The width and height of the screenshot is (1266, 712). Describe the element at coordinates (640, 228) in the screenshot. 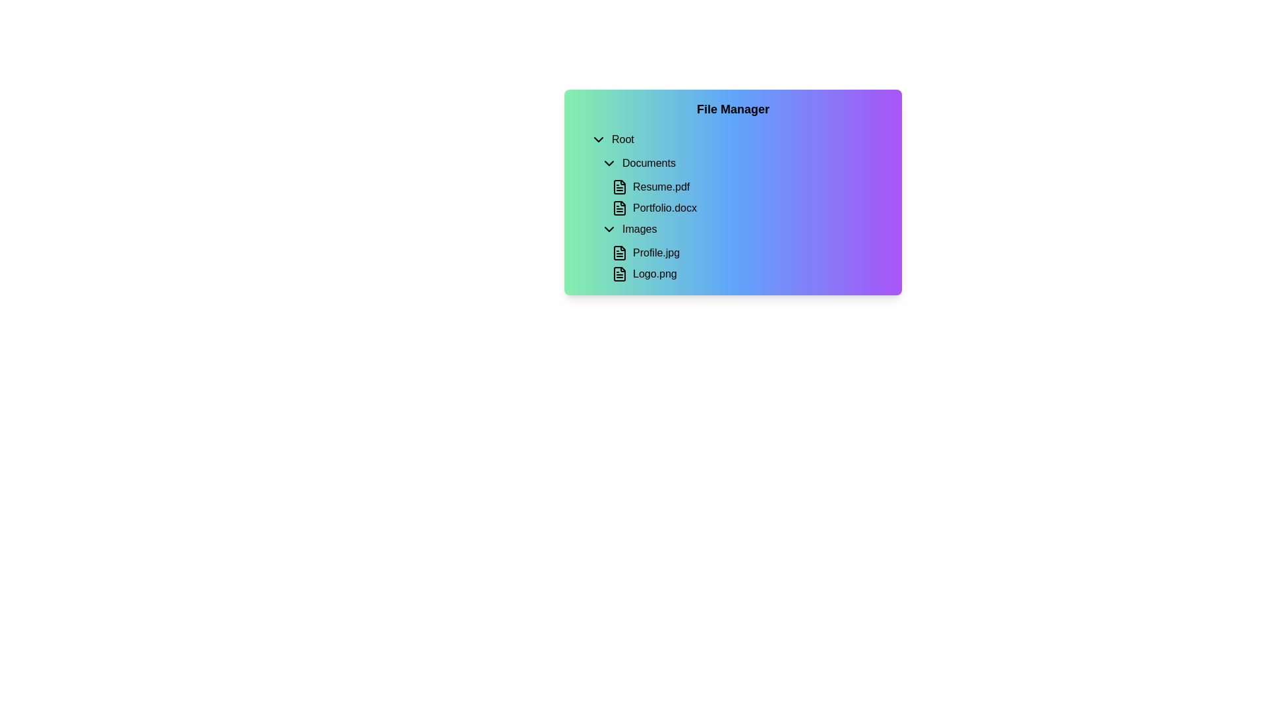

I see `the text label representing the folder named 'Images'` at that location.